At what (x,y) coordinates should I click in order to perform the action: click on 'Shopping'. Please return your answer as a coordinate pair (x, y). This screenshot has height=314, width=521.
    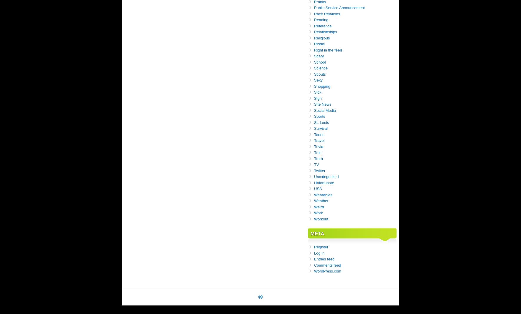
    Looking at the image, I should click on (322, 86).